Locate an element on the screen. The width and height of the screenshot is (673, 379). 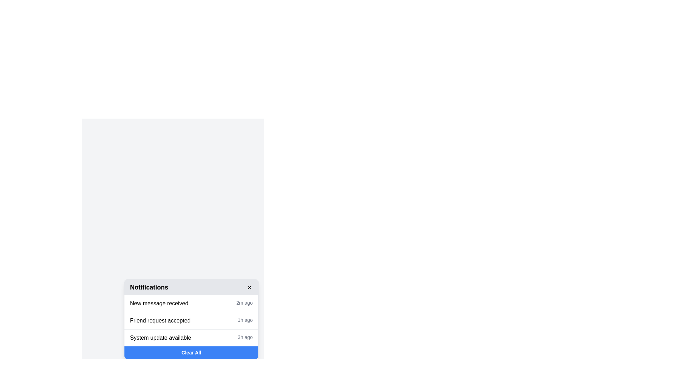
the static text label that indicates the notifications section in the header of the notification panel is located at coordinates (149, 287).